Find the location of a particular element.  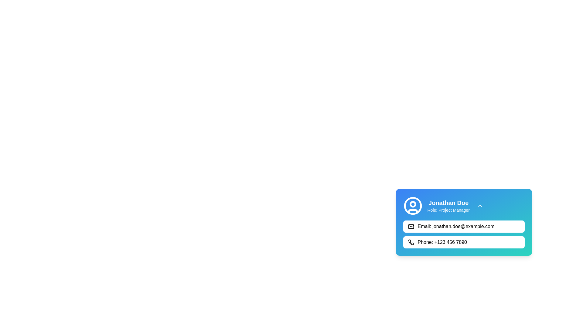

the black phone receiver icon located to the left of the phone number text in the contact information UI component is located at coordinates (411, 242).